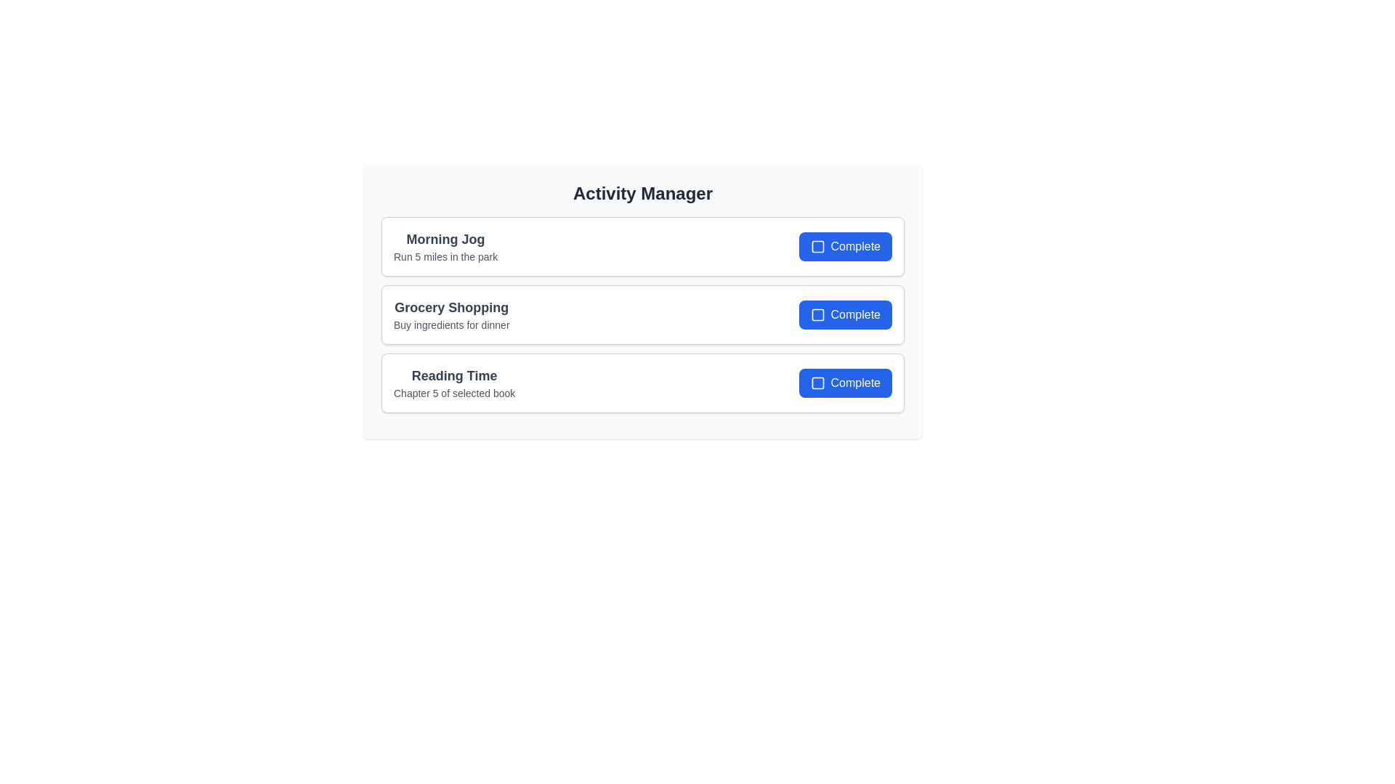  I want to click on the text label that provides contextual information about 'Chapter 5 of selected book', located below 'Reading Time', so click(453, 393).